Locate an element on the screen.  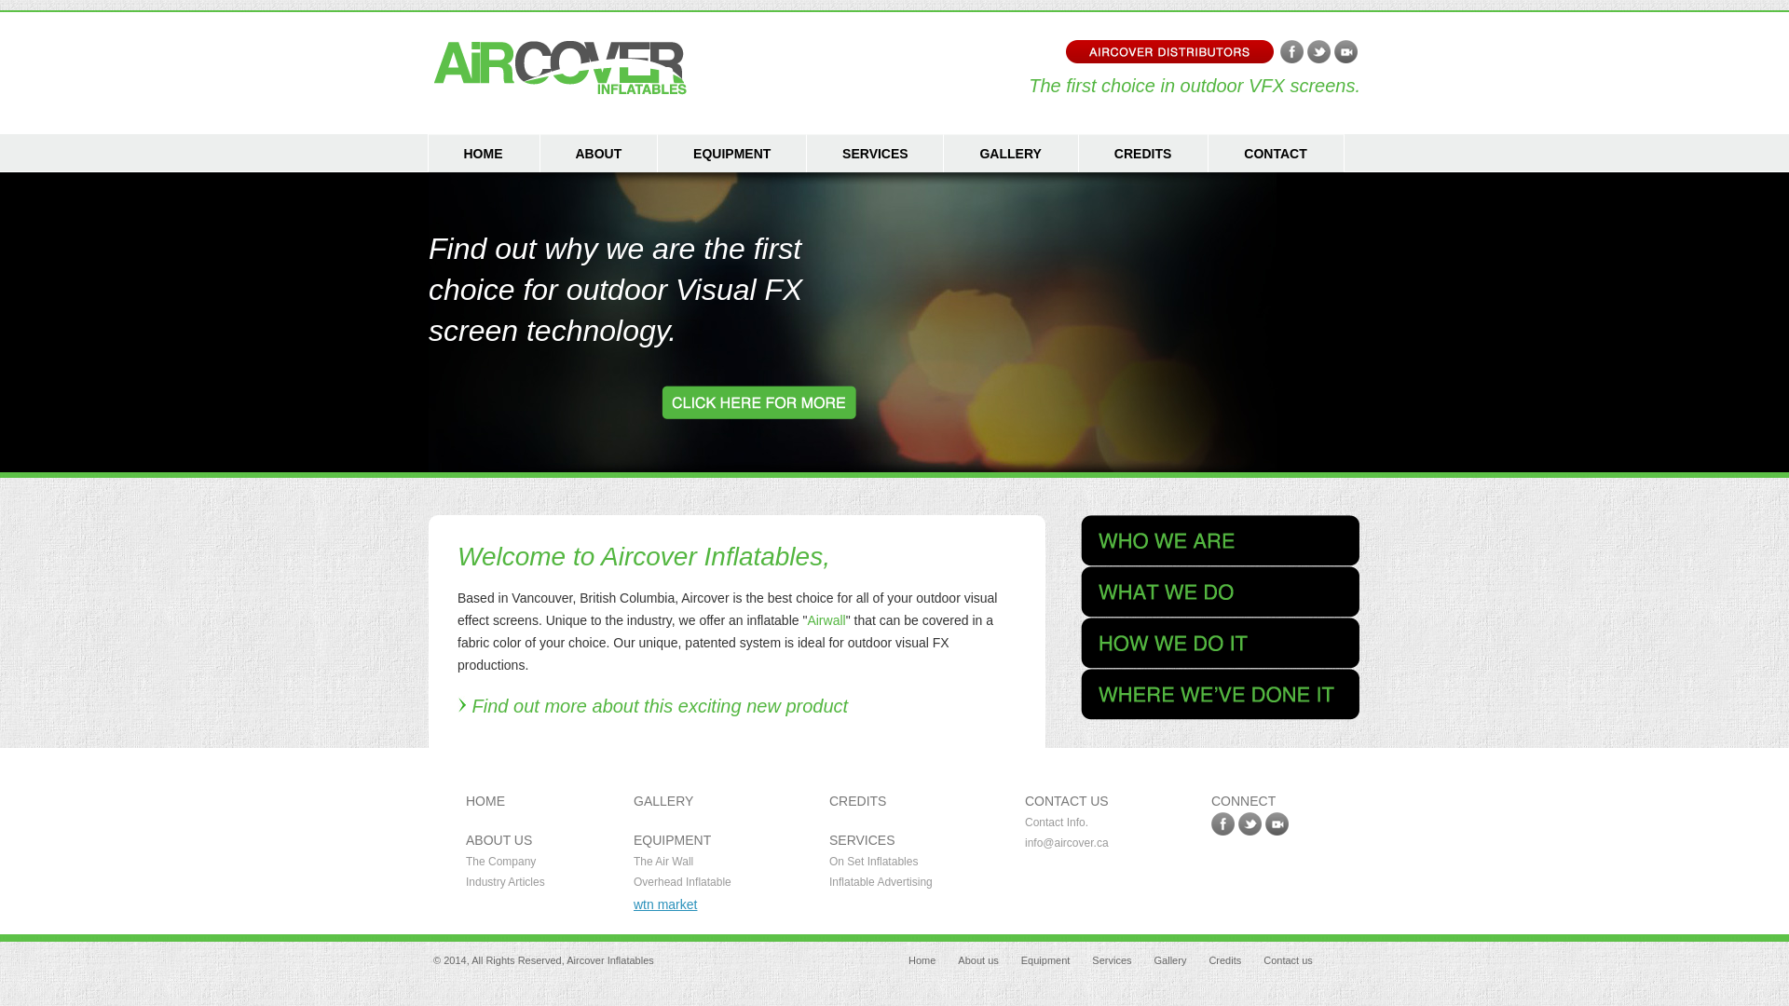
'Contact us' is located at coordinates (1282, 959).